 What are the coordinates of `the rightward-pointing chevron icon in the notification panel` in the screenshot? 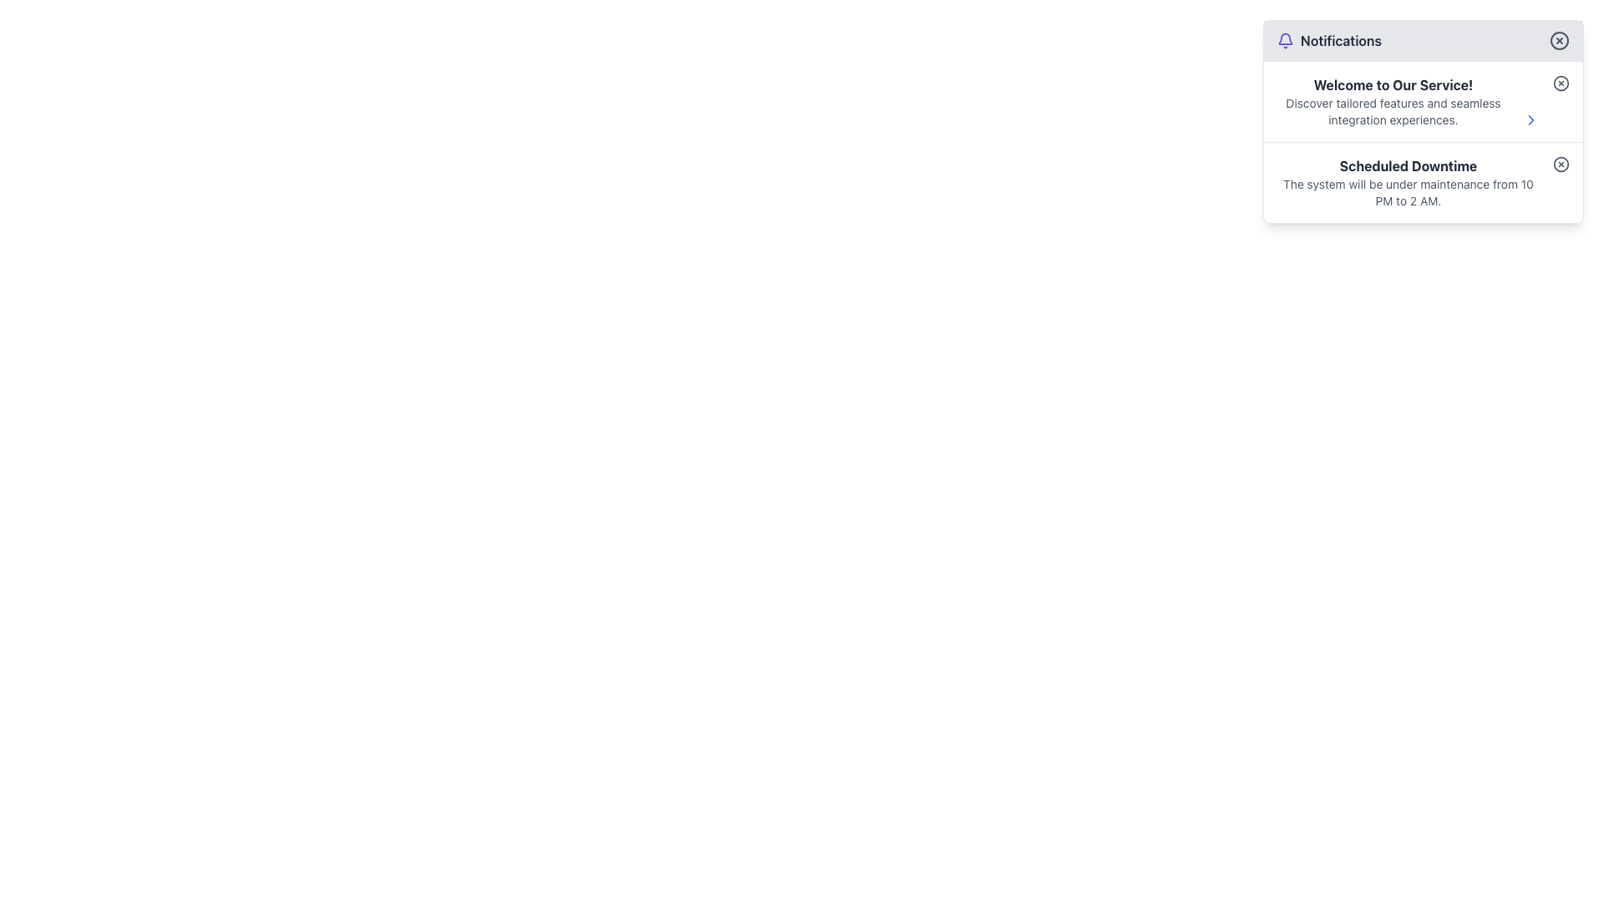 It's located at (1531, 119).